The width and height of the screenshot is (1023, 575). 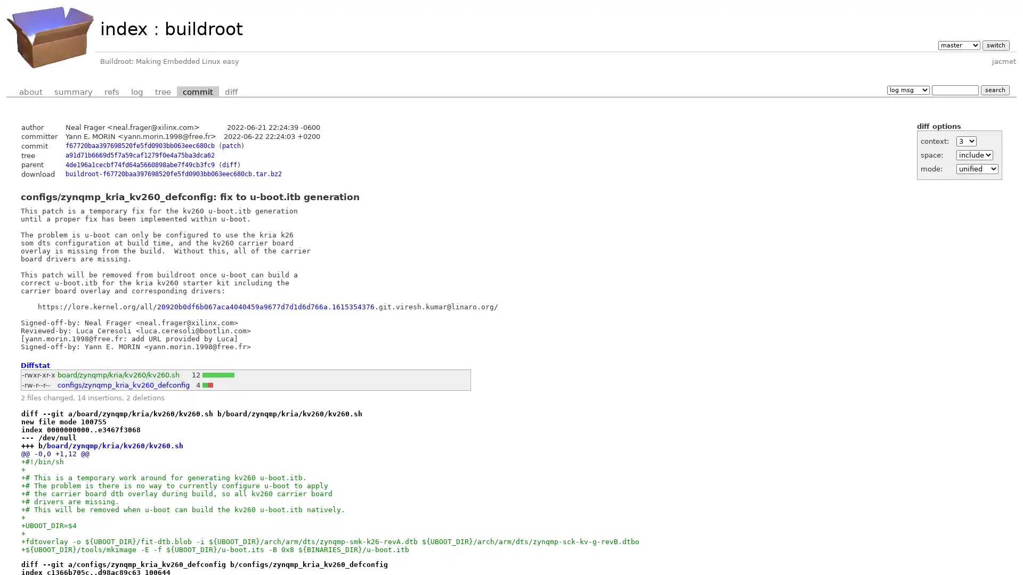 I want to click on search, so click(x=994, y=89).